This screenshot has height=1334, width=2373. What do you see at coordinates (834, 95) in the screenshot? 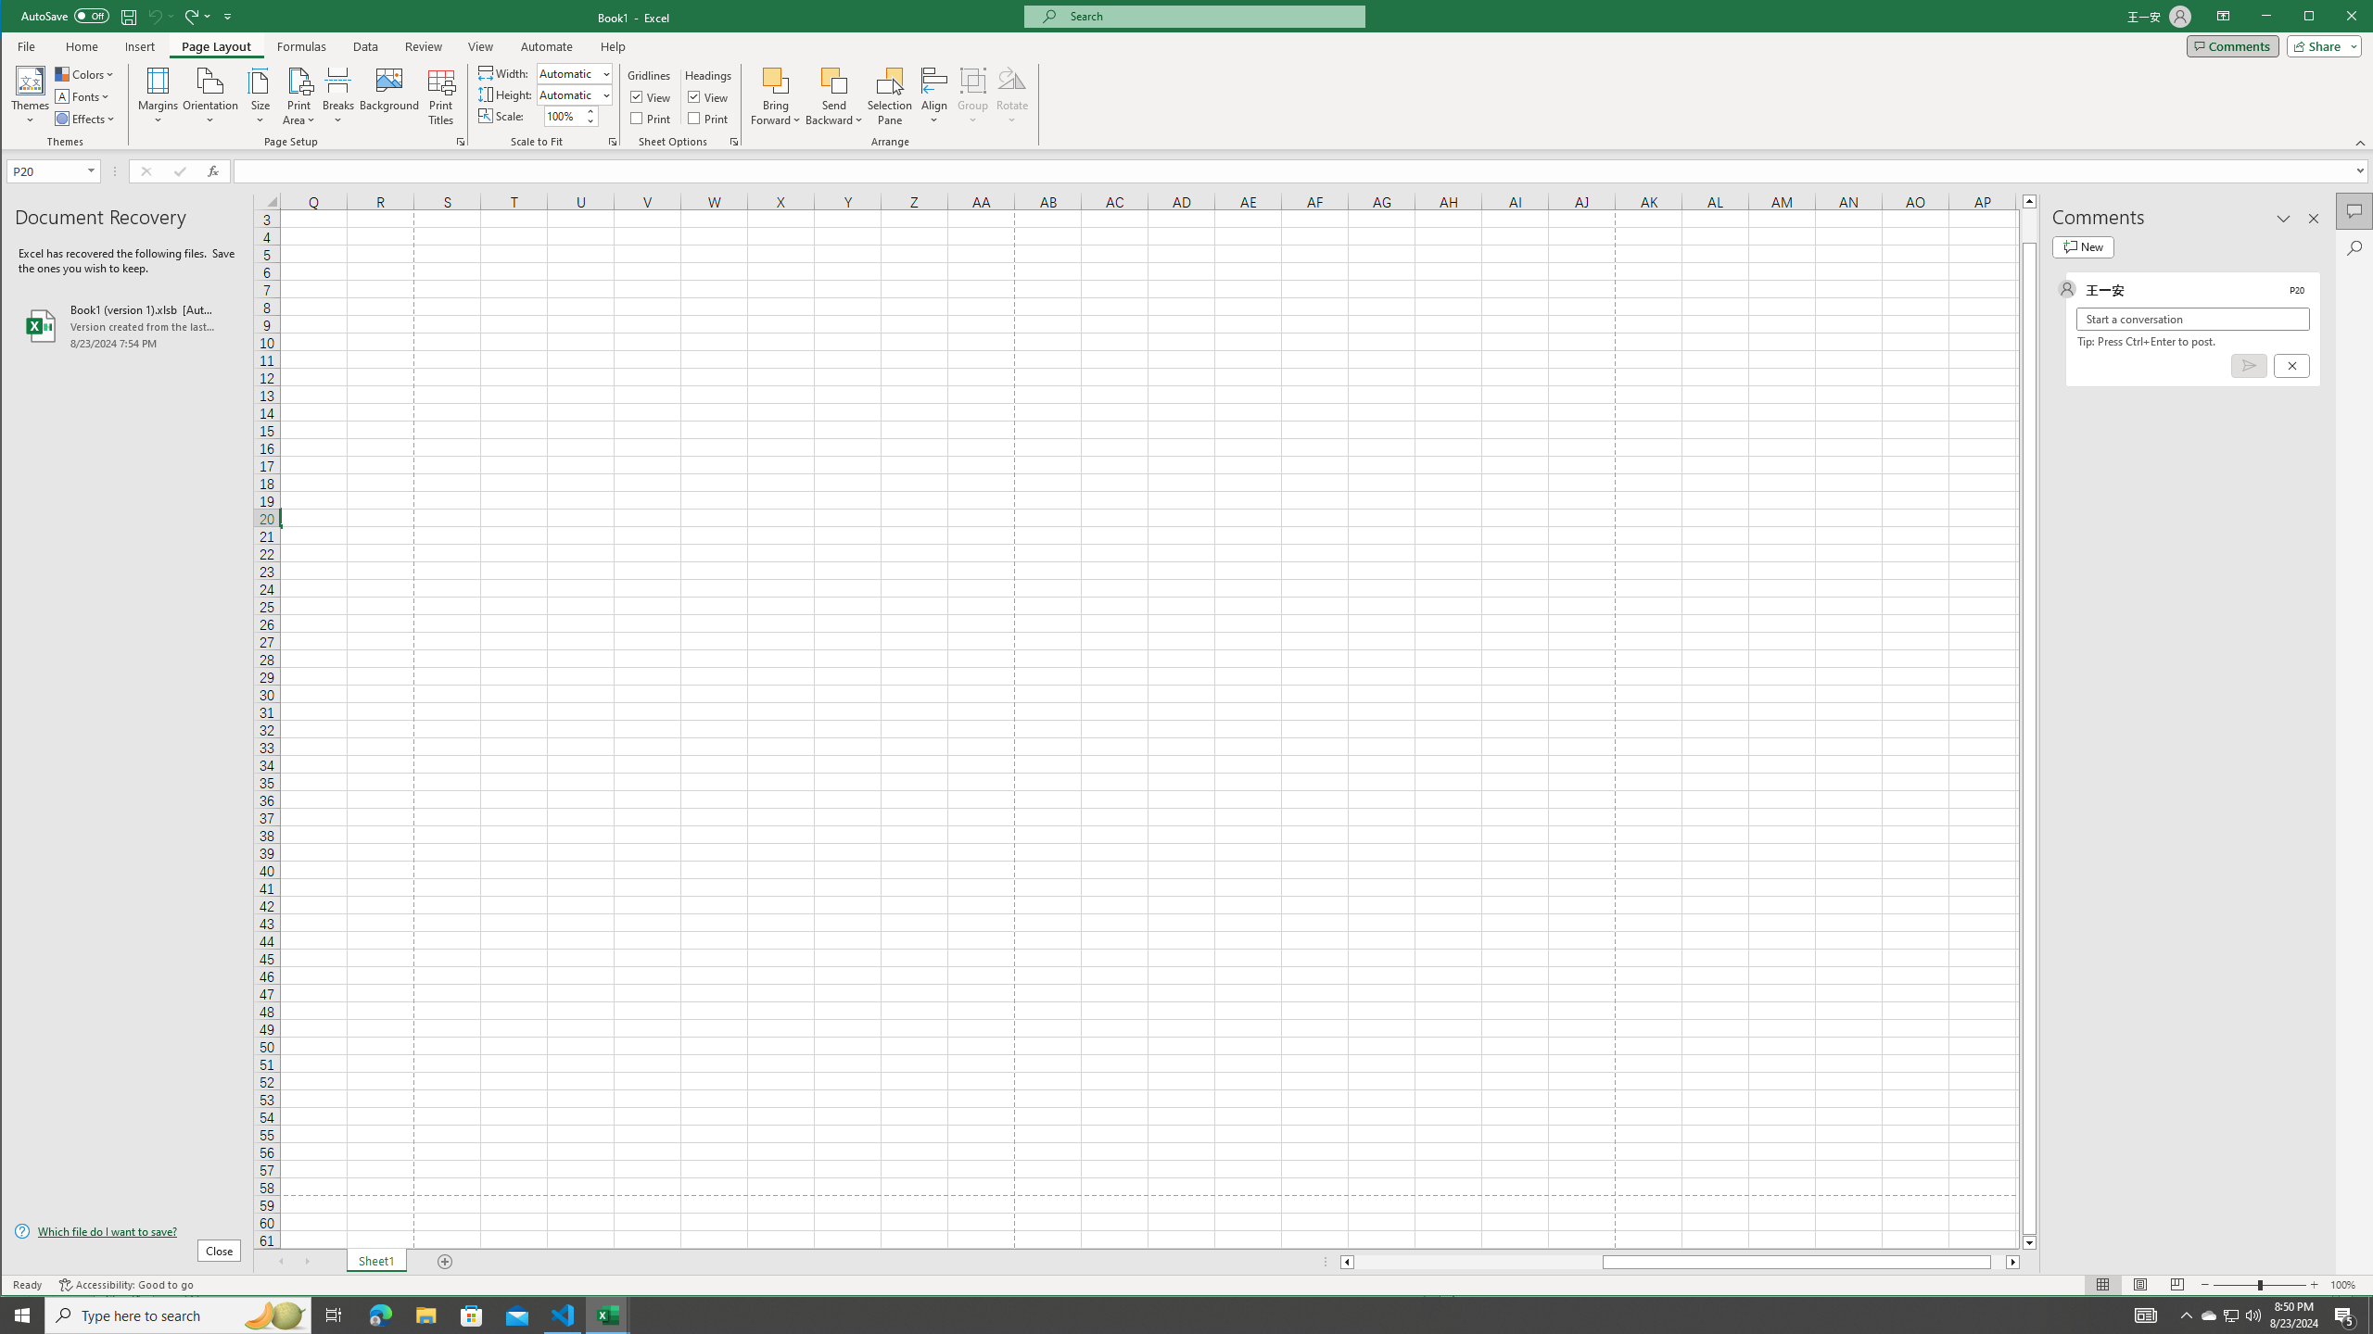
I see `'Send Backward'` at bounding box center [834, 95].